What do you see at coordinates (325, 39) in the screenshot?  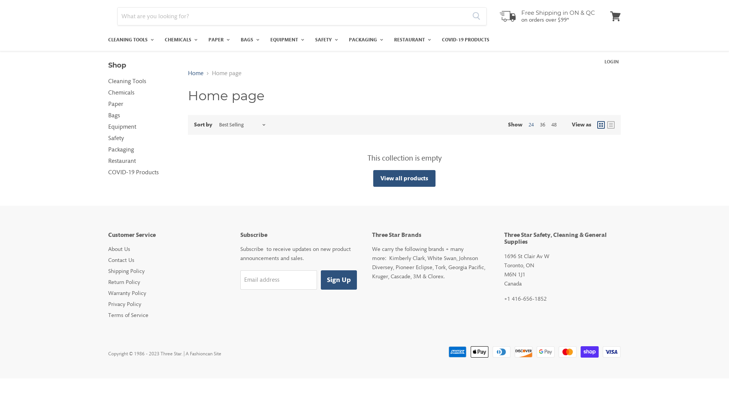 I see `'SAFETY'` at bounding box center [325, 39].